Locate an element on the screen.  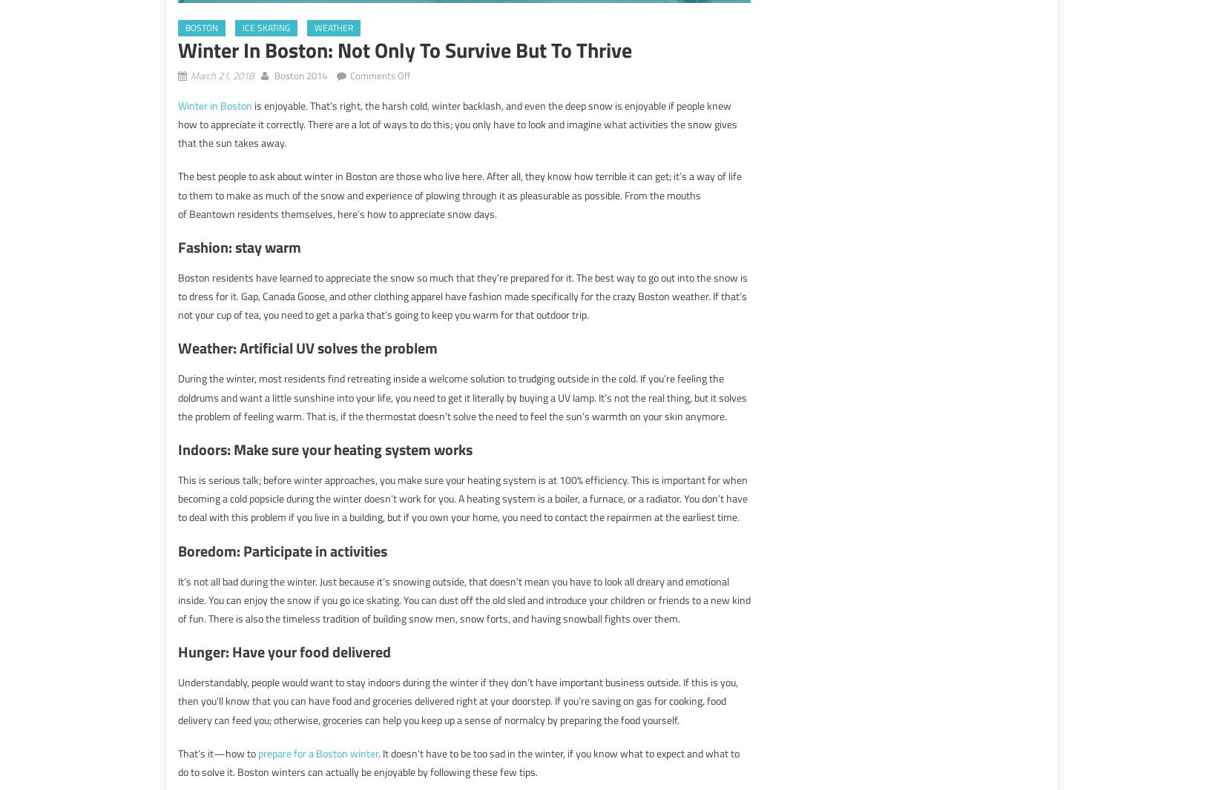
'on Winter in Boston: Not Only to Survive but to Thrive' is located at coordinates (521, 73).